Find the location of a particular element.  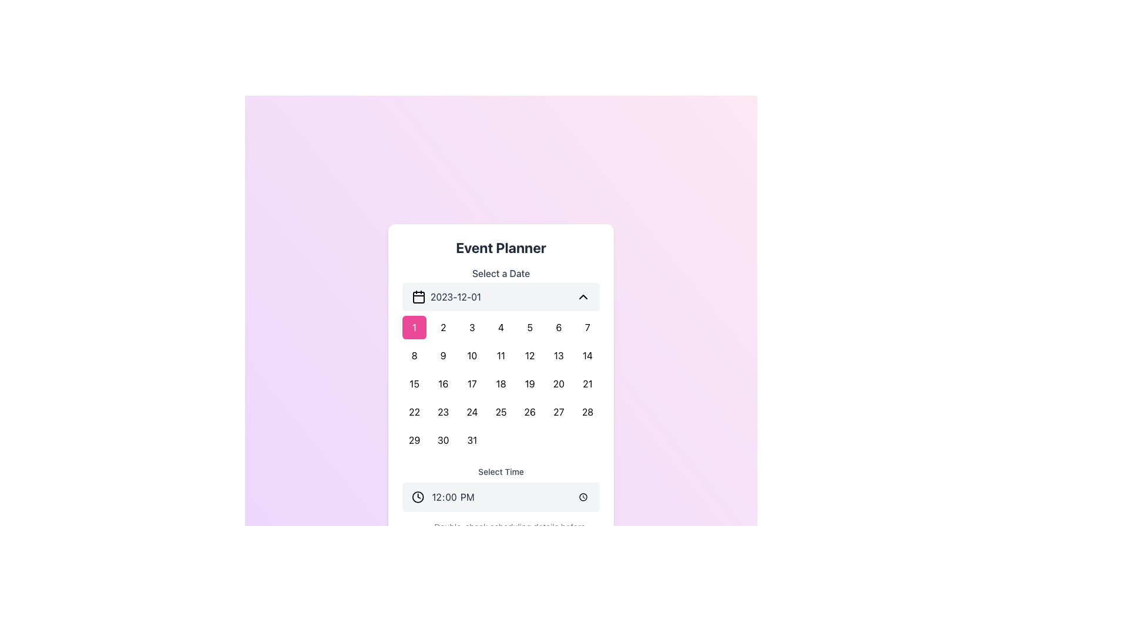

the button displaying the number '20' in the 'Select a Date' calendar layout is located at coordinates (558, 384).